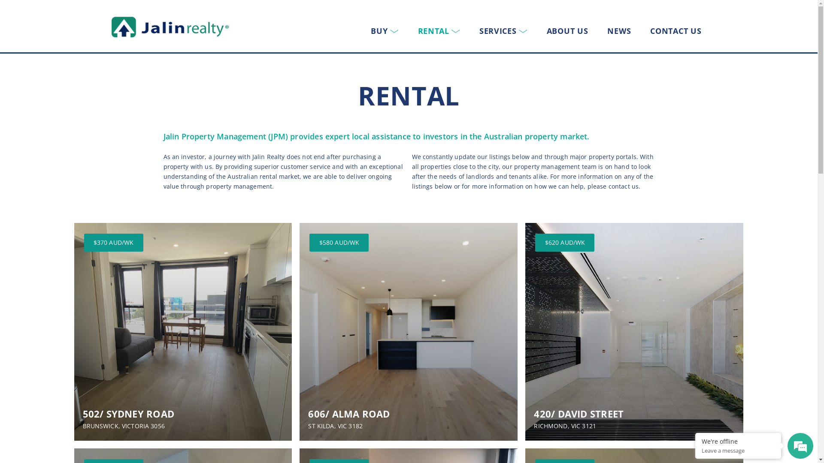  I want to click on '$580 AUD/WK', so click(339, 243).